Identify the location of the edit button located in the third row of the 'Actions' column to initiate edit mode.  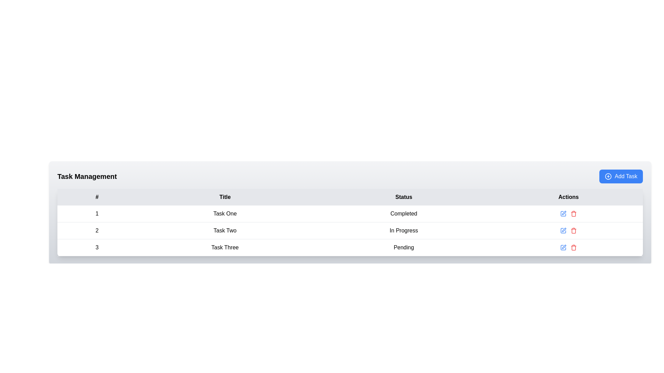
(563, 230).